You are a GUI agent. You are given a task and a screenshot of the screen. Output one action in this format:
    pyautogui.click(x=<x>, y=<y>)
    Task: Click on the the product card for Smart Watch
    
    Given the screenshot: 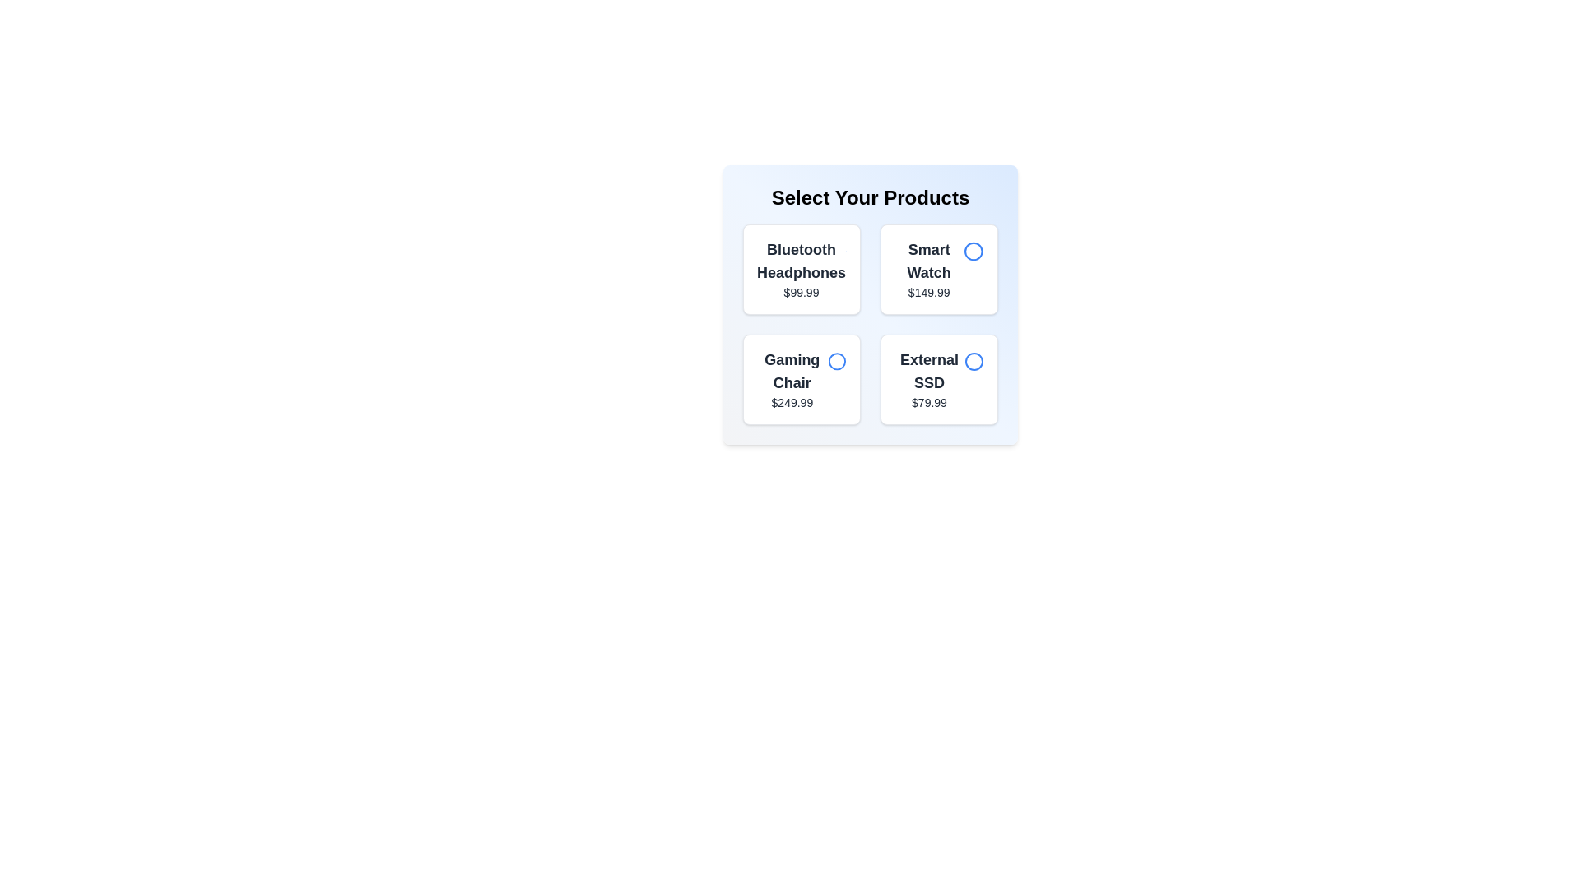 What is the action you would take?
    pyautogui.click(x=939, y=268)
    